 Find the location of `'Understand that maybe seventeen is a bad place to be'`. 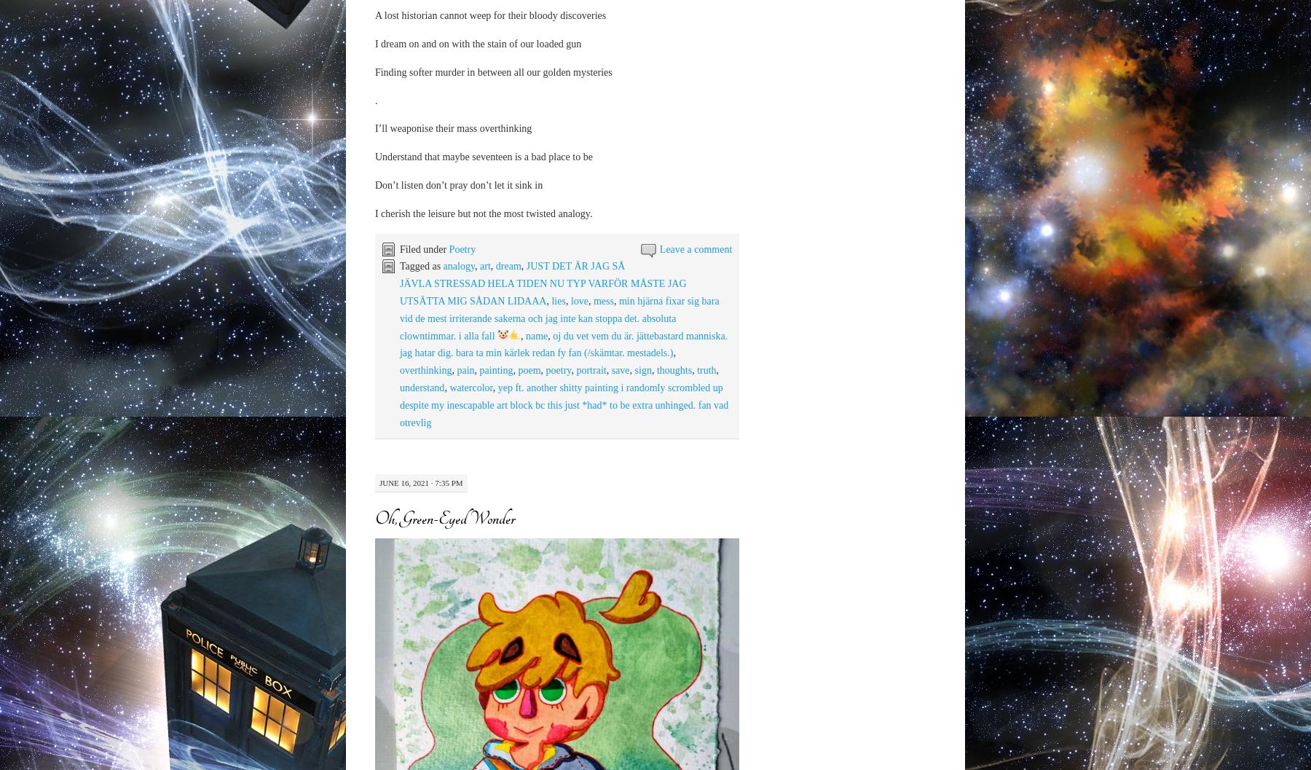

'Understand that maybe seventeen is a bad place to be' is located at coordinates (483, 157).